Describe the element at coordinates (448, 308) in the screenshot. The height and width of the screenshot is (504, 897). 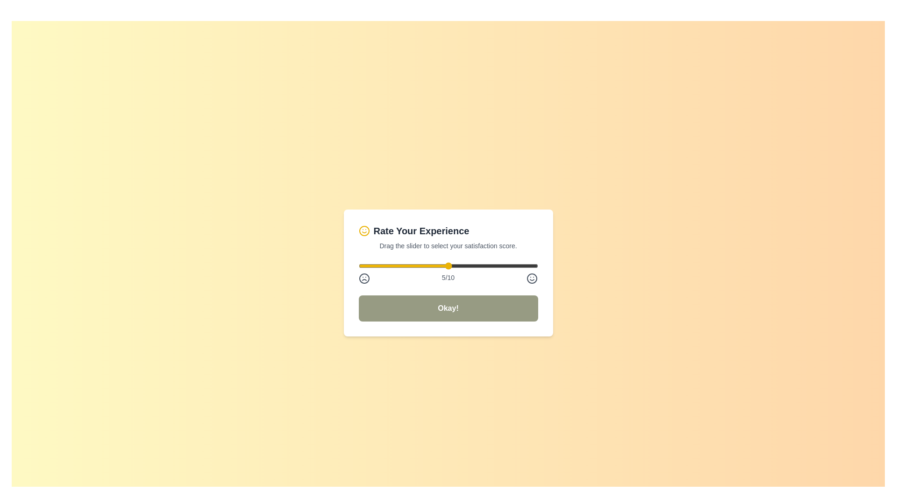
I see `the 'Okay!' button to confirm the rating` at that location.